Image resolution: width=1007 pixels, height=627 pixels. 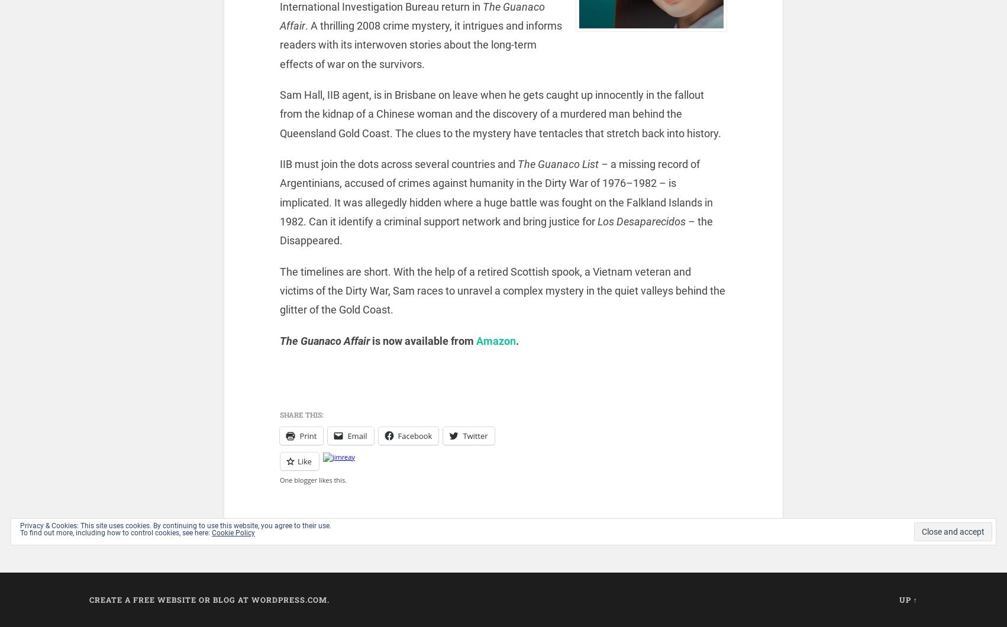 What do you see at coordinates (115, 533) in the screenshot?
I see `'To find out more, including how to control cookies, see here:'` at bounding box center [115, 533].